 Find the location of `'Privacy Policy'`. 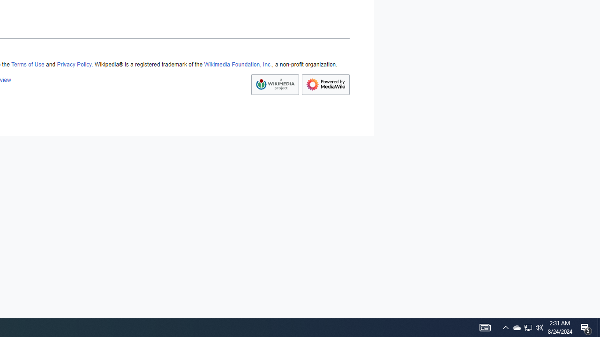

'Privacy Policy' is located at coordinates (74, 64).